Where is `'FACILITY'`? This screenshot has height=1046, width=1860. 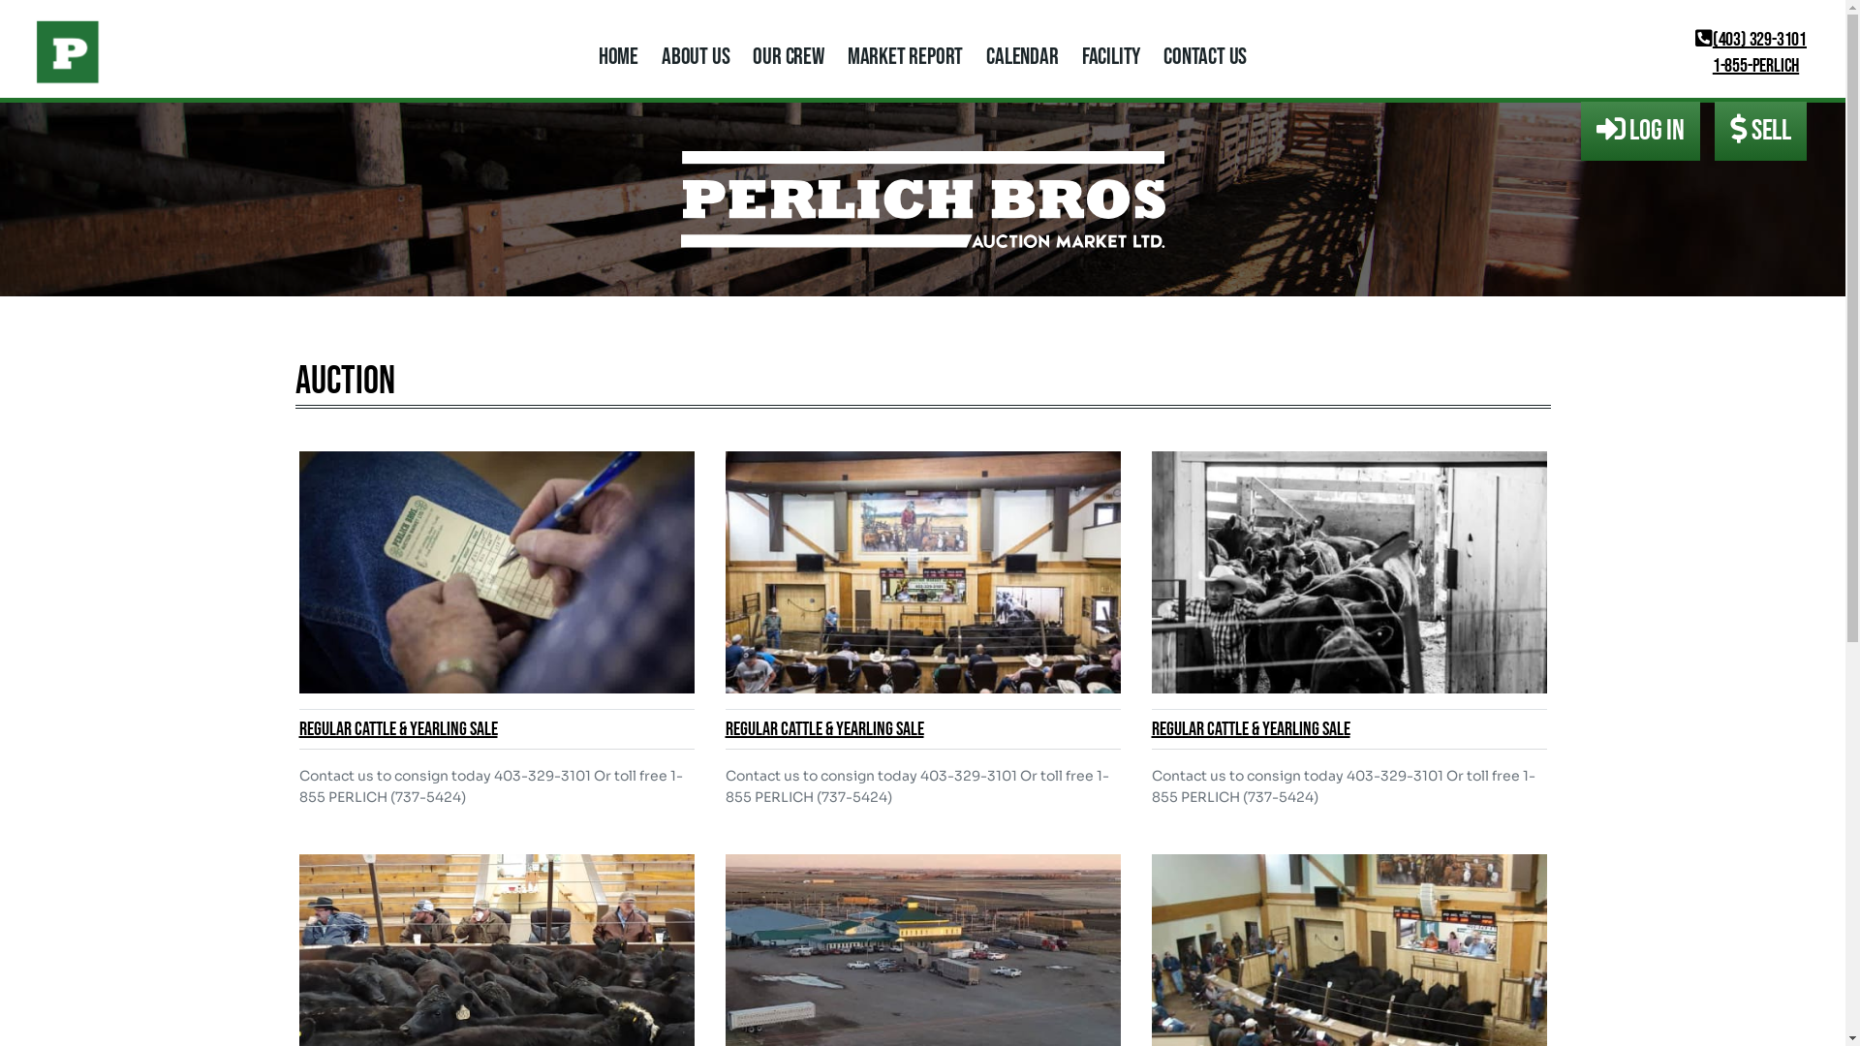
'FACILITY' is located at coordinates (1111, 55).